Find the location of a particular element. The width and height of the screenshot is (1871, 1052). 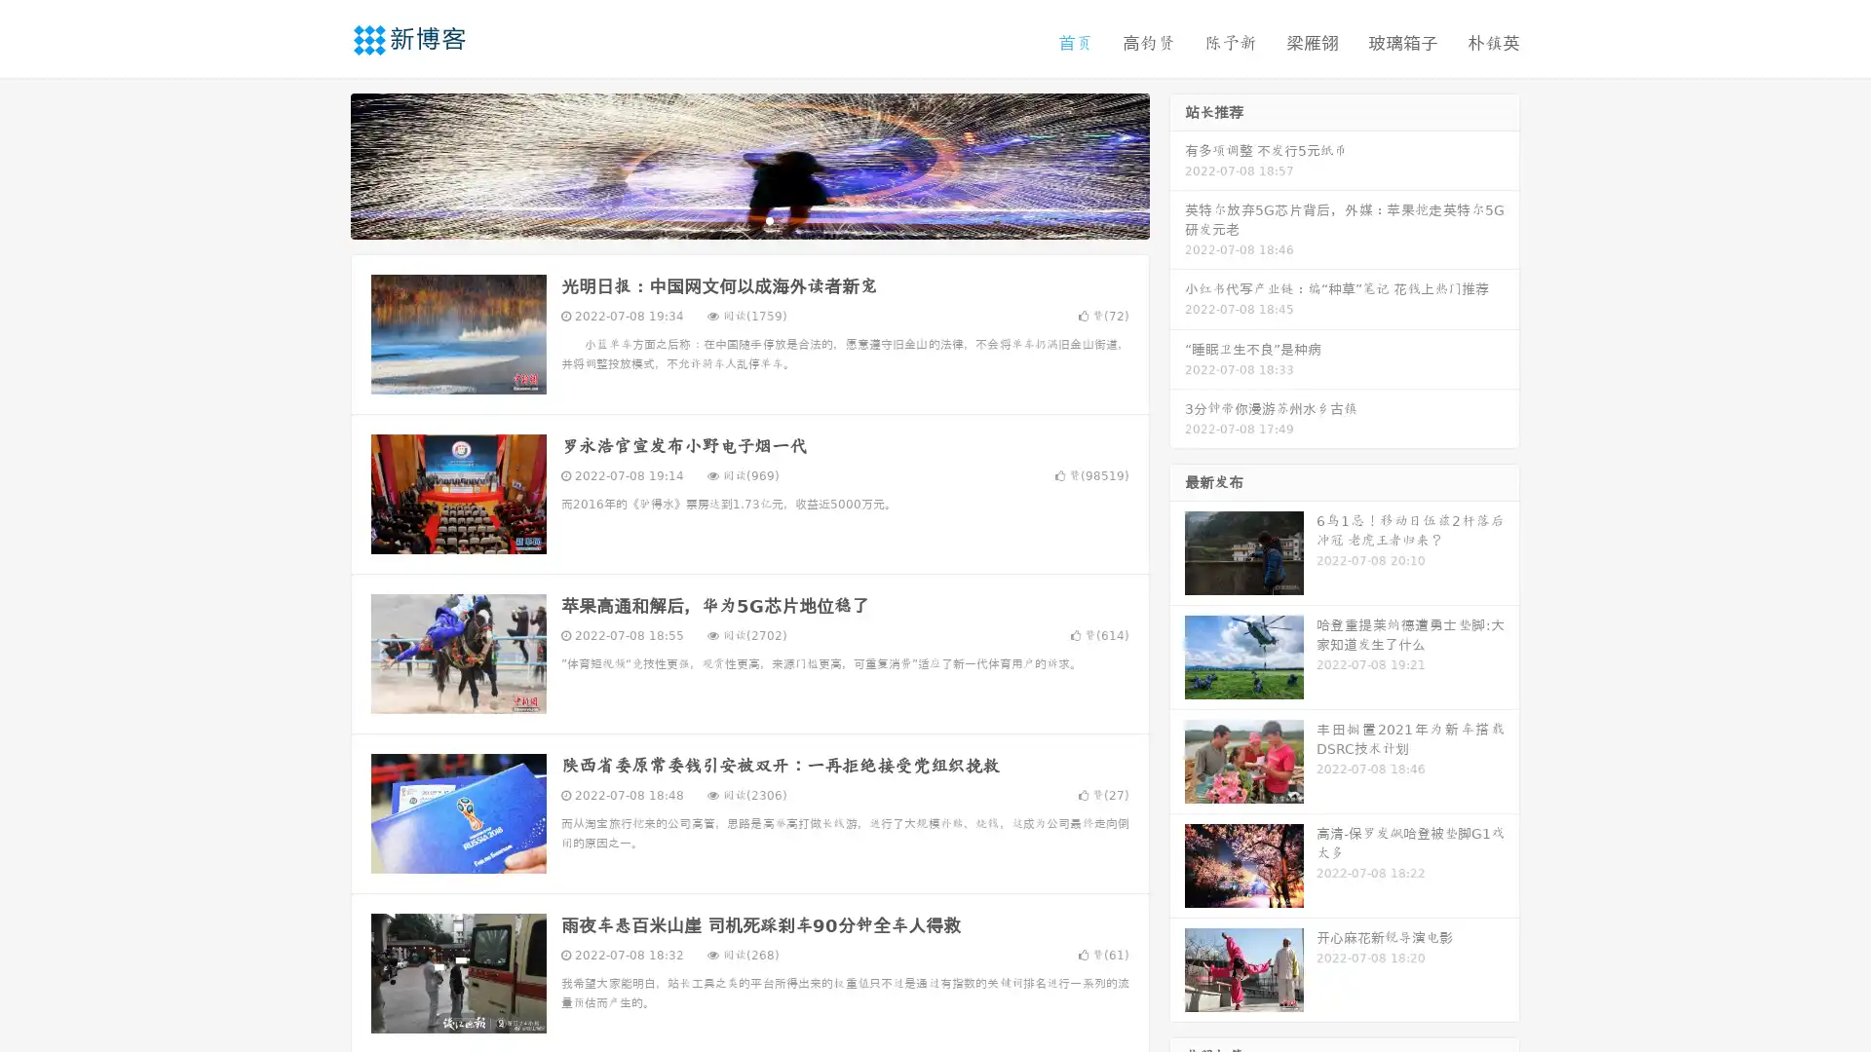

Previous slide is located at coordinates (322, 164).